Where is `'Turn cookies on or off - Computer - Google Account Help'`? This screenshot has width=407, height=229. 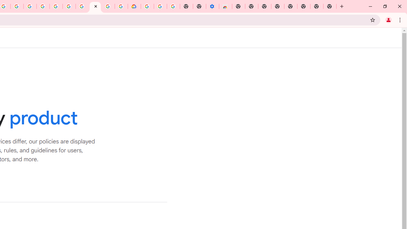
'Turn cookies on or off - Computer - Google Account Help' is located at coordinates (173, 6).